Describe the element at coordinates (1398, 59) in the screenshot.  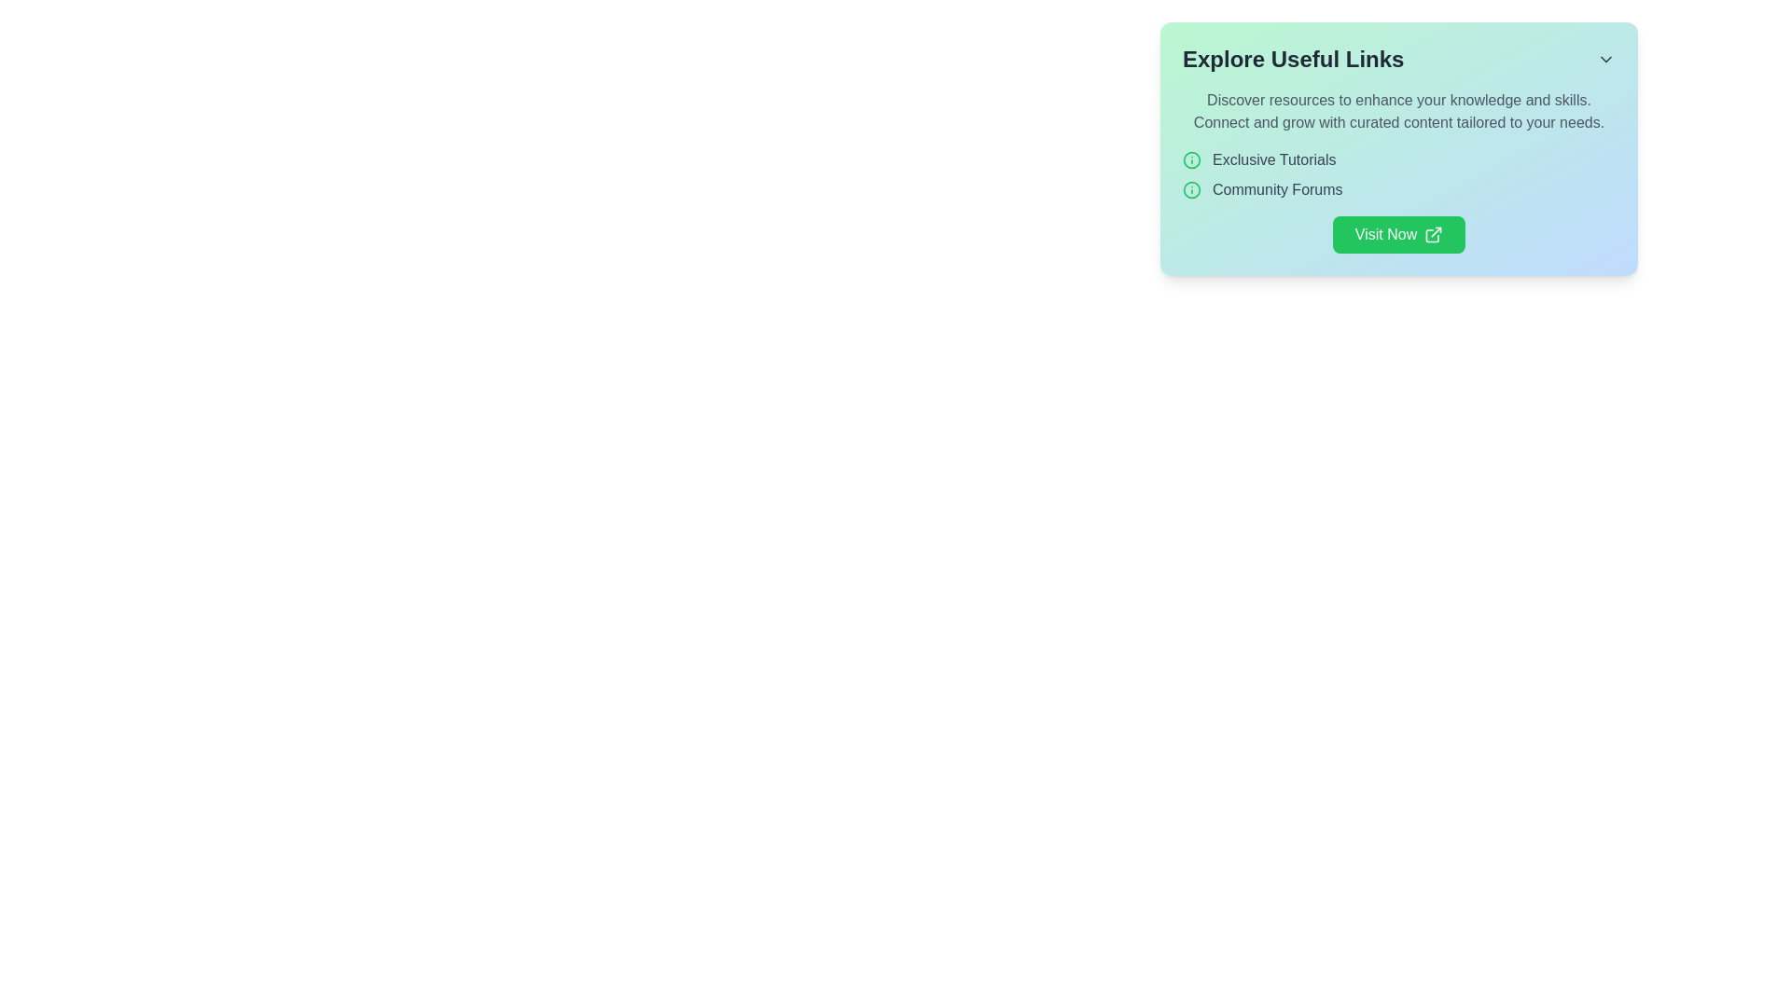
I see `the 'Explore Useful Links' dropdown title header` at that location.